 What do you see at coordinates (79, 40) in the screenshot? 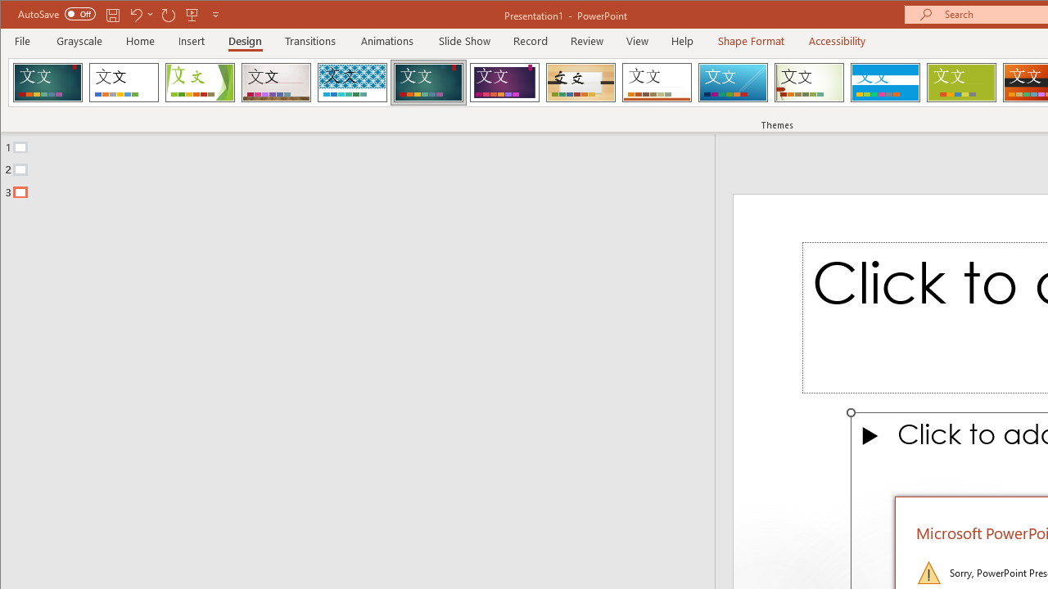
I see `'Grayscale'` at bounding box center [79, 40].